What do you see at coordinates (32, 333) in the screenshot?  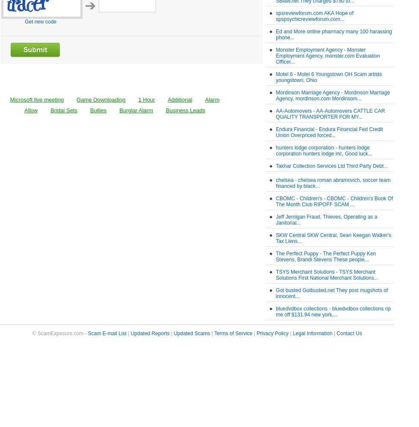 I see `'© ScamExposure.com -'` at bounding box center [32, 333].